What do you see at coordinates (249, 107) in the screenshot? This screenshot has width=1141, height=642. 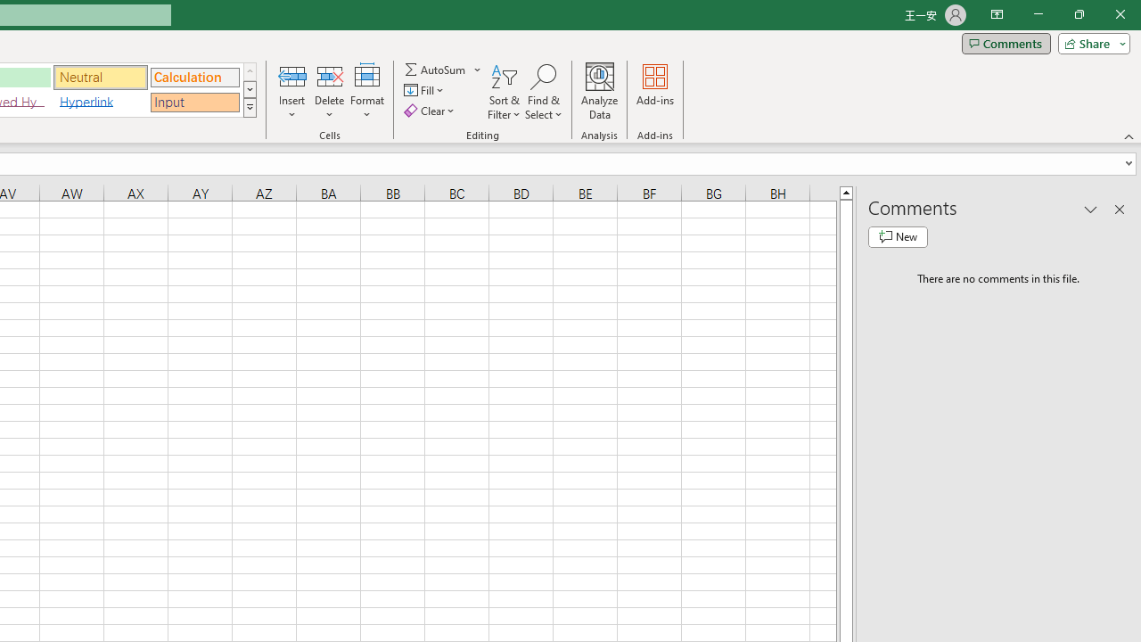 I see `'Class: NetUIImage'` at bounding box center [249, 107].